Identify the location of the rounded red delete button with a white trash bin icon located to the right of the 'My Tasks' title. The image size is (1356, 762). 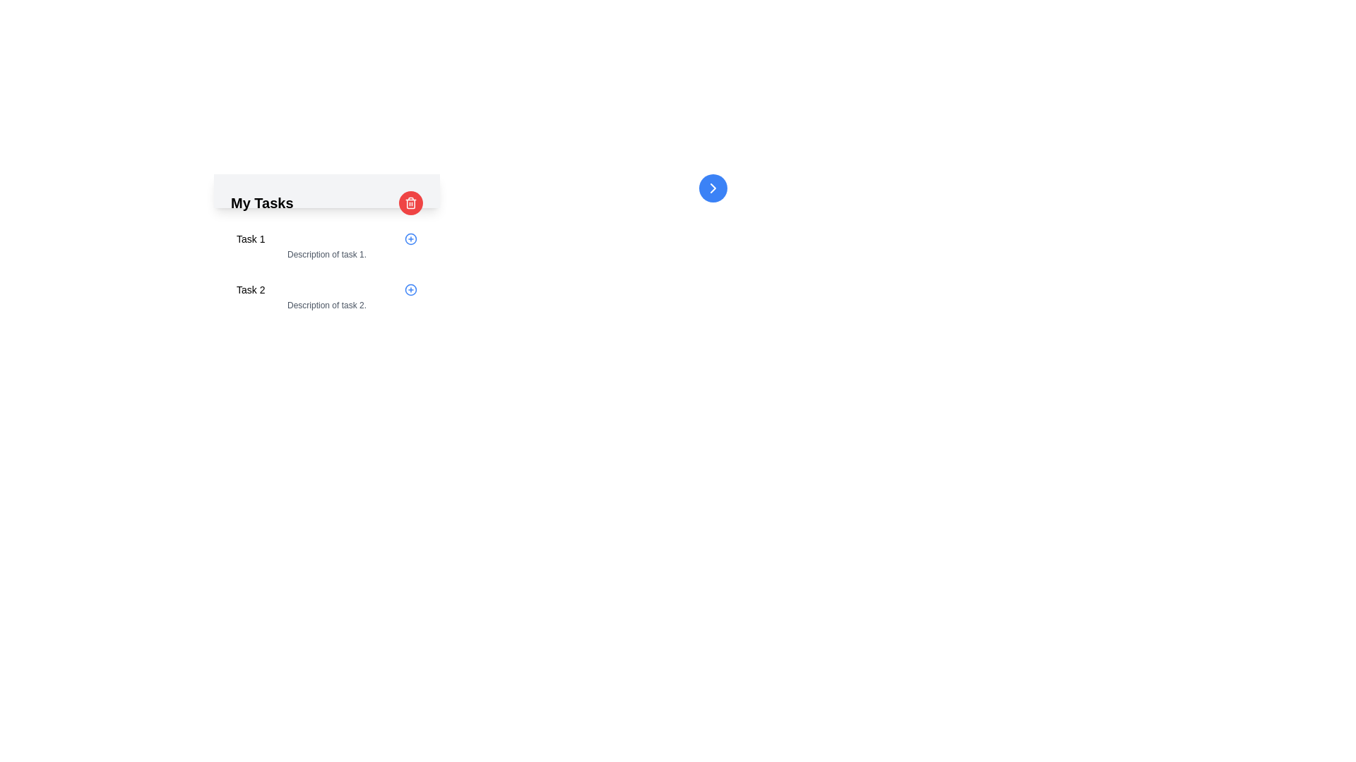
(410, 203).